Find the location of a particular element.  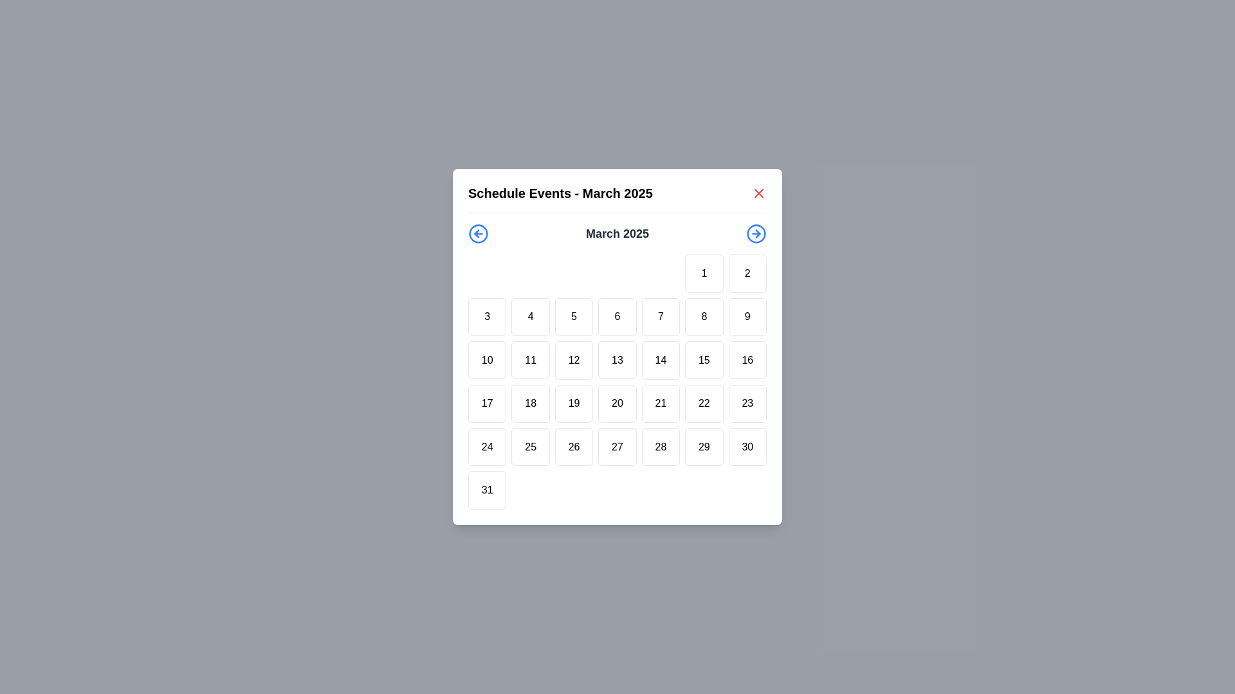

text label displaying 'March 2025' located in the header section of the calendar interface to understand the current month and year is located at coordinates (617, 233).